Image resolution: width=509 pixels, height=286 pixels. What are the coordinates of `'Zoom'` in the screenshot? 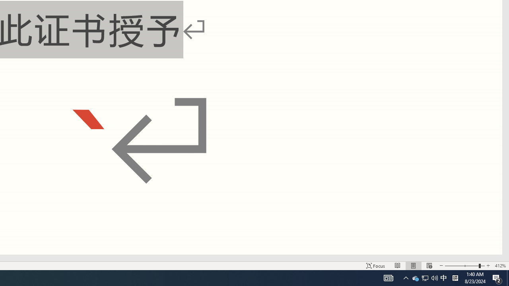 It's located at (464, 266).